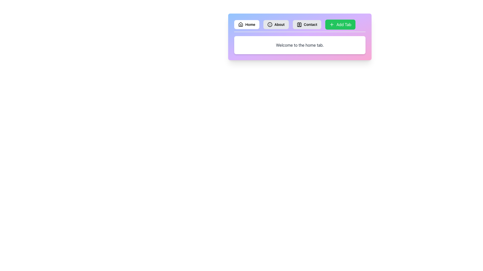  What do you see at coordinates (240, 24) in the screenshot?
I see `the 'Home' icon, which is located at the leftmost part of the 'Home' button next to the text label 'Home'` at bounding box center [240, 24].